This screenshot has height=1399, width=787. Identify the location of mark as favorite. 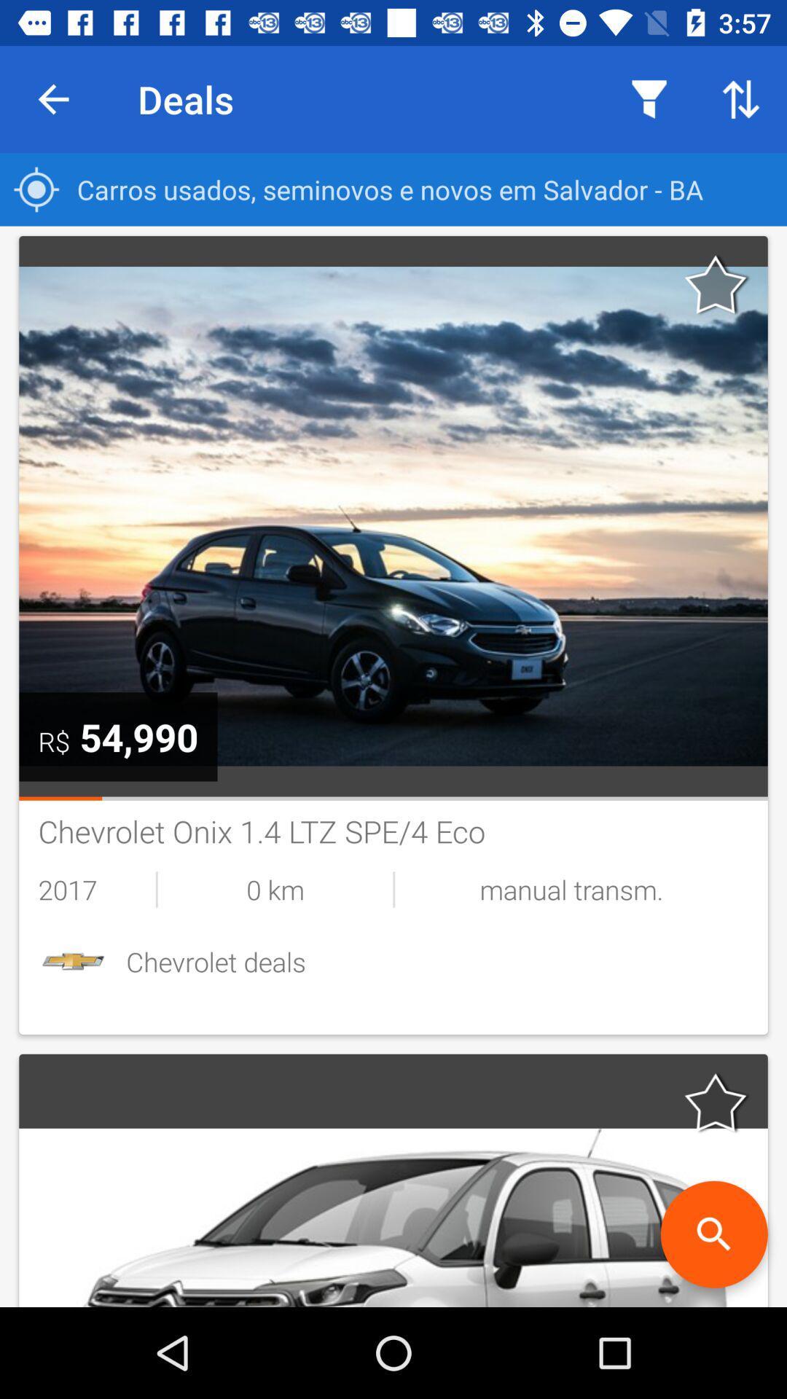
(716, 284).